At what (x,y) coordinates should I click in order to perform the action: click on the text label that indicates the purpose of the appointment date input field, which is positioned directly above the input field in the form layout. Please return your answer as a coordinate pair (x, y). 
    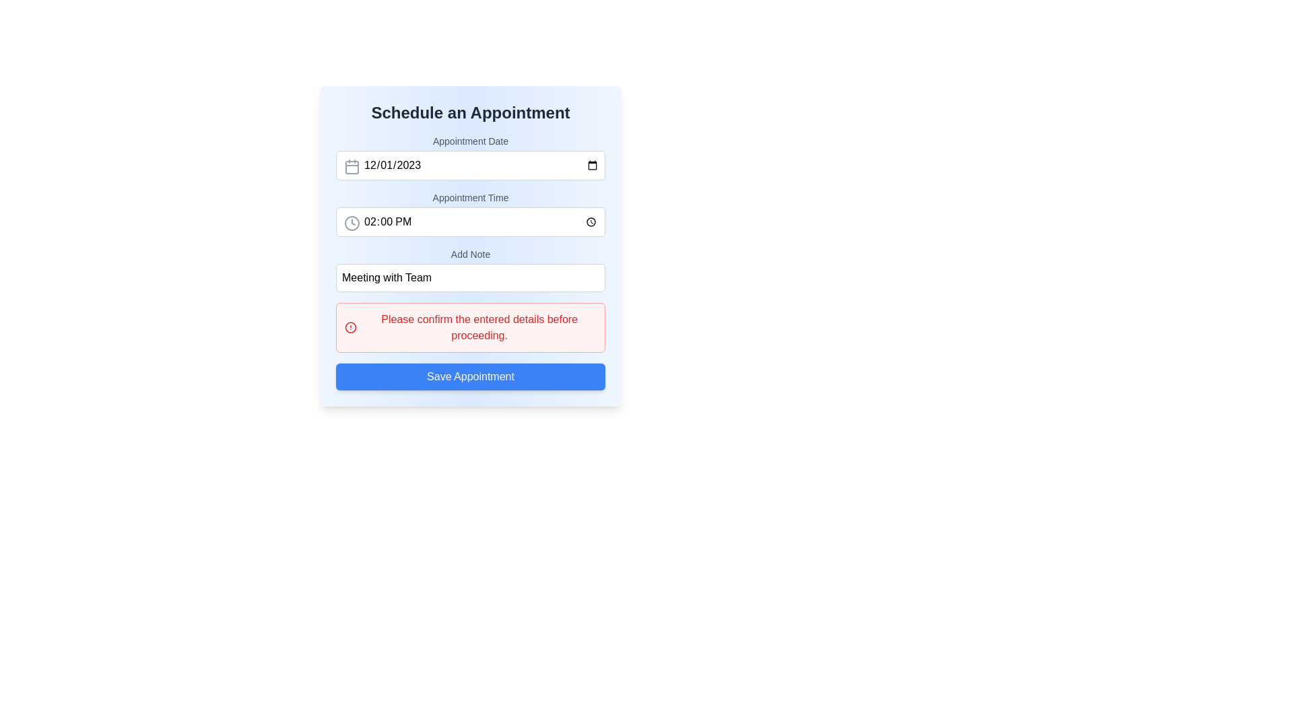
    Looking at the image, I should click on (471, 141).